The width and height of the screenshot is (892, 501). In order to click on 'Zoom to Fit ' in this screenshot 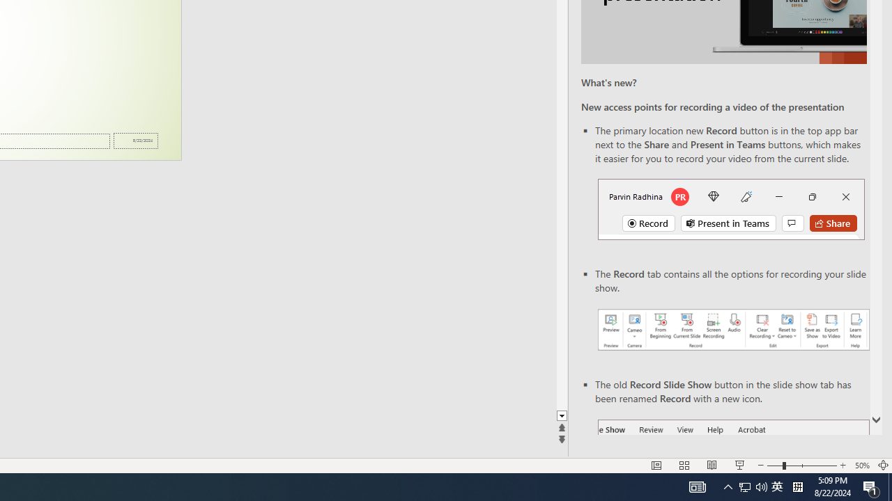, I will do `click(882, 466)`.